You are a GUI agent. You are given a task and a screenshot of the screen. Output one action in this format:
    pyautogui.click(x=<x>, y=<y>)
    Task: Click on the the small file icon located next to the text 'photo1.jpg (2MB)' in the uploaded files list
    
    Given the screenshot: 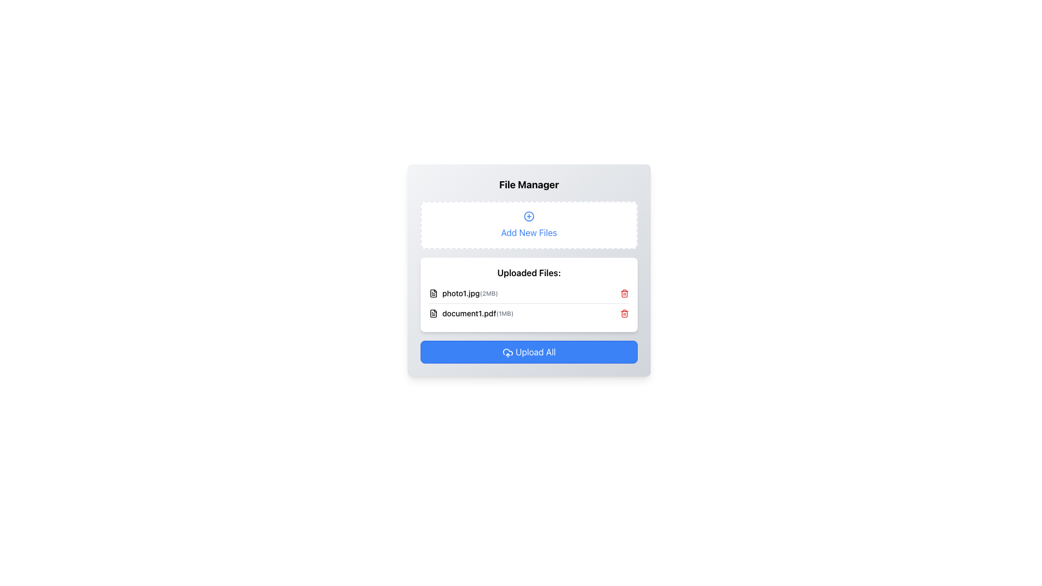 What is the action you would take?
    pyautogui.click(x=433, y=293)
    